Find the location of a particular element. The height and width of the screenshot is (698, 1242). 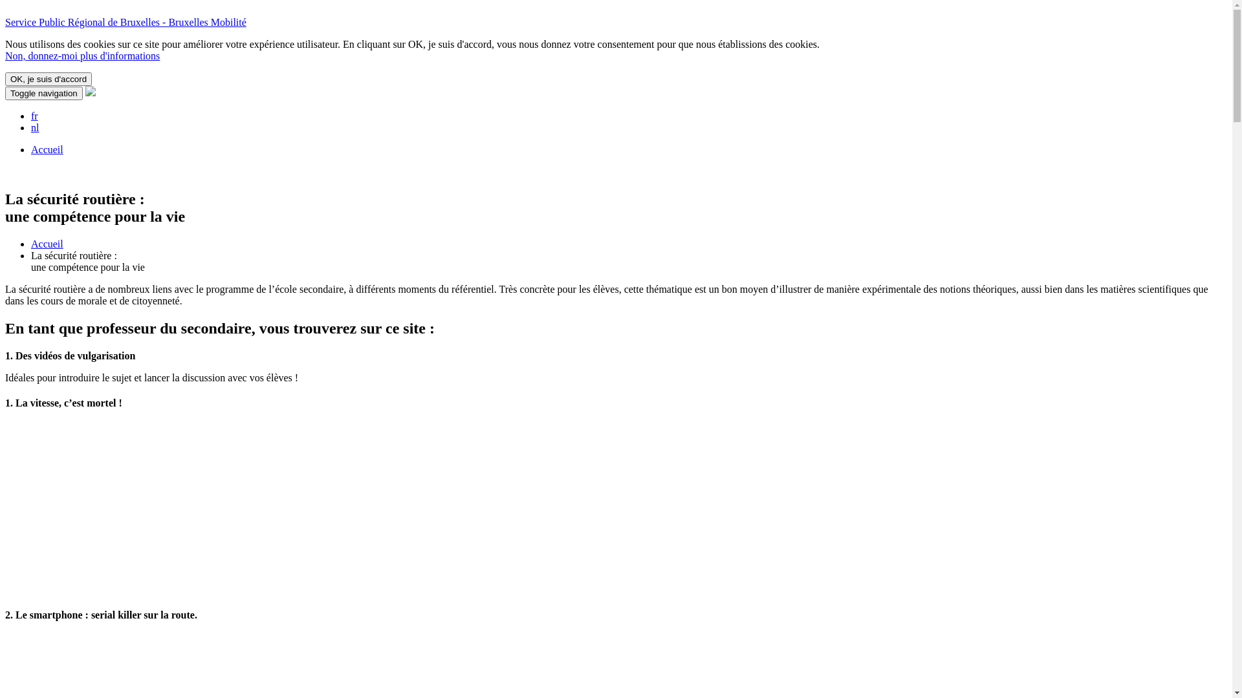

'fr' is located at coordinates (34, 115).